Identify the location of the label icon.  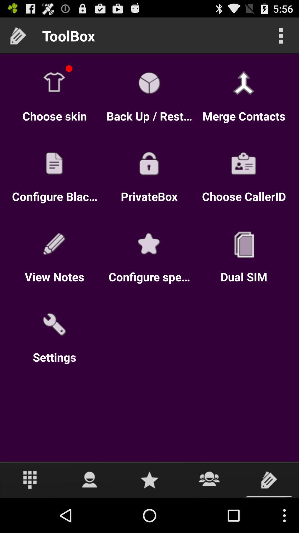
(269, 513).